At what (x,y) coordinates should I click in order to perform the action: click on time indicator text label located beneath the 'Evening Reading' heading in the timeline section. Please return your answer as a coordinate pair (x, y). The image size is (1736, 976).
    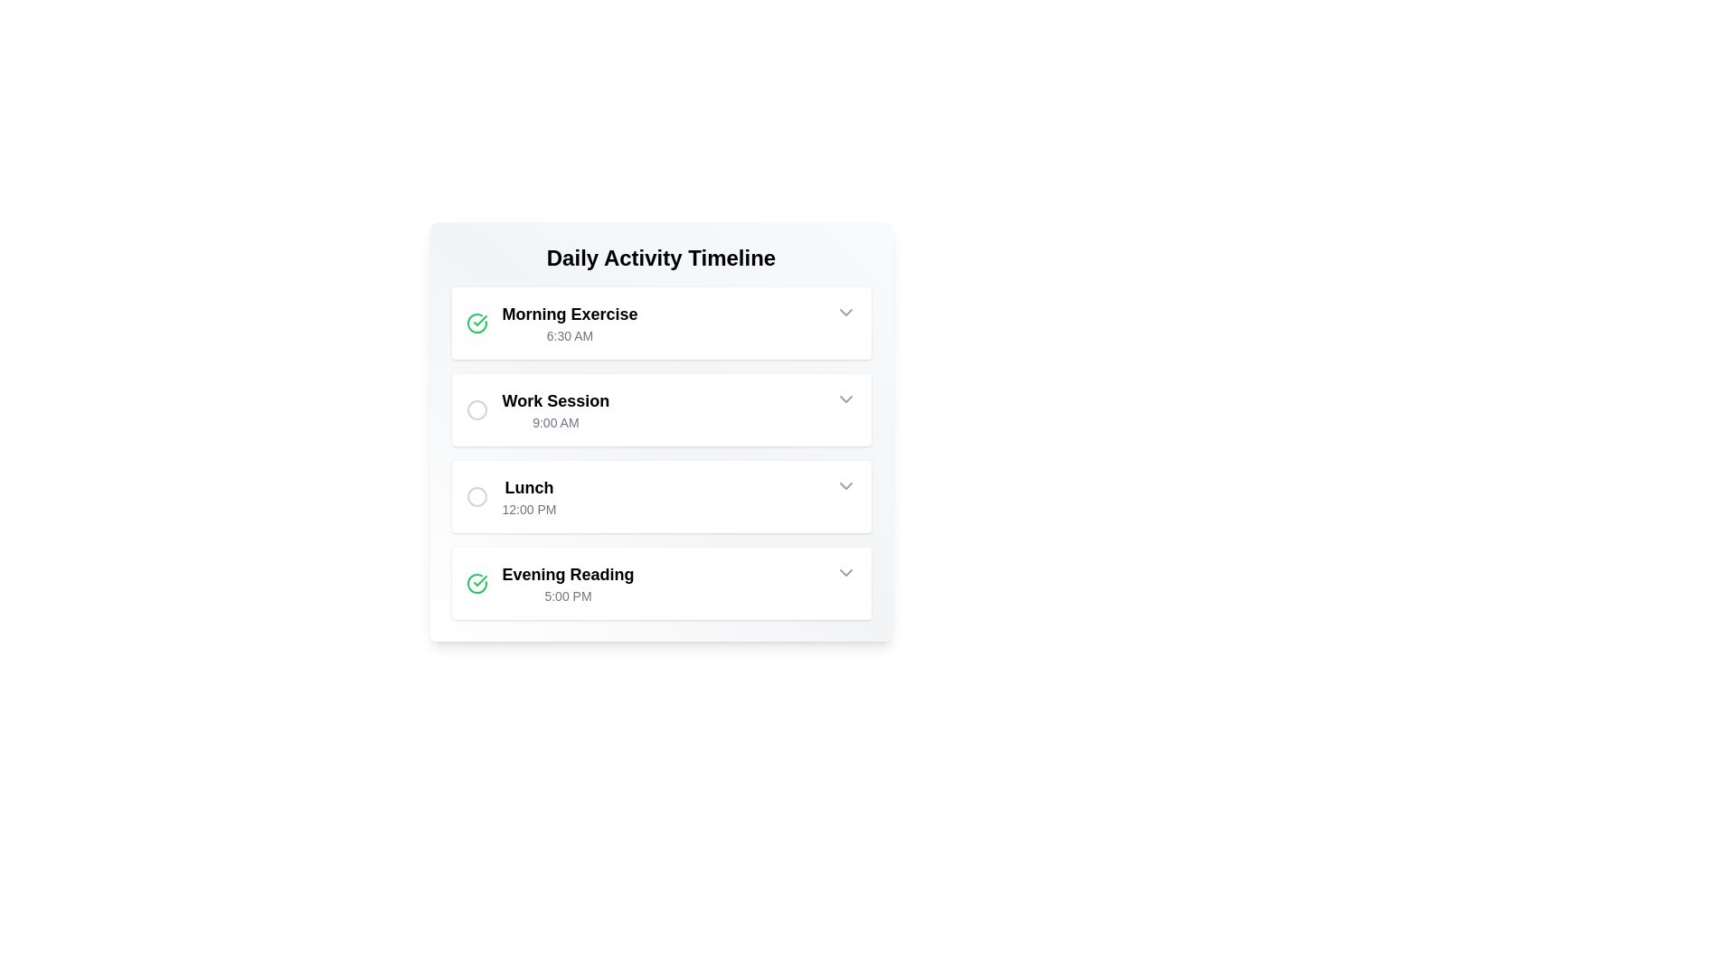
    Looking at the image, I should click on (567, 596).